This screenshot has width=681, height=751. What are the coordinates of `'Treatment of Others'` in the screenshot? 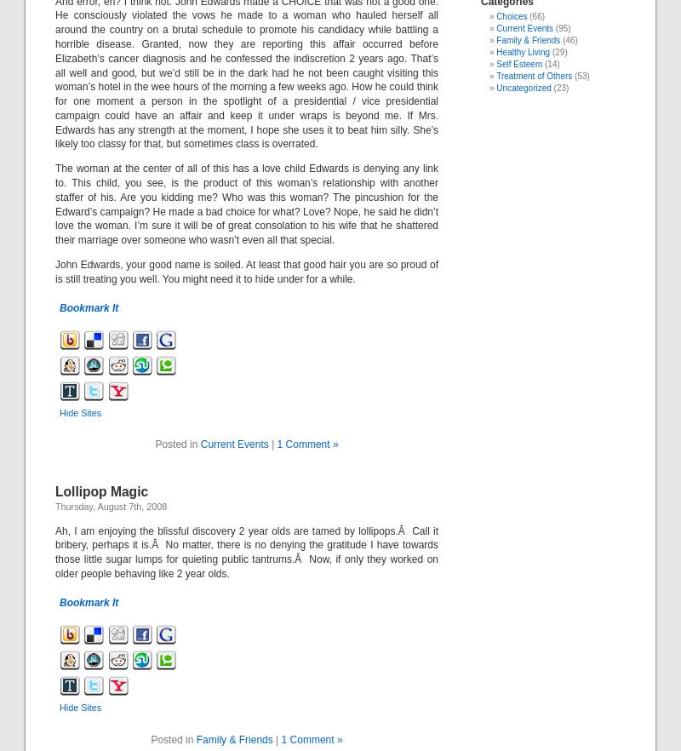 It's located at (534, 76).